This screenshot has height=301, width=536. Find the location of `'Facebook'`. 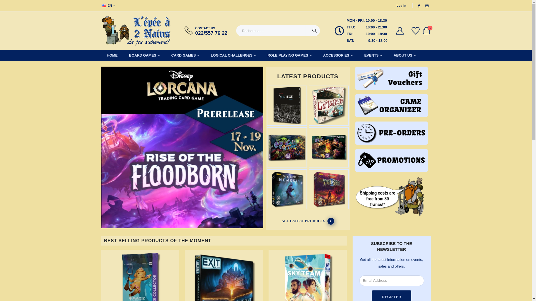

'Facebook' is located at coordinates (419, 5).